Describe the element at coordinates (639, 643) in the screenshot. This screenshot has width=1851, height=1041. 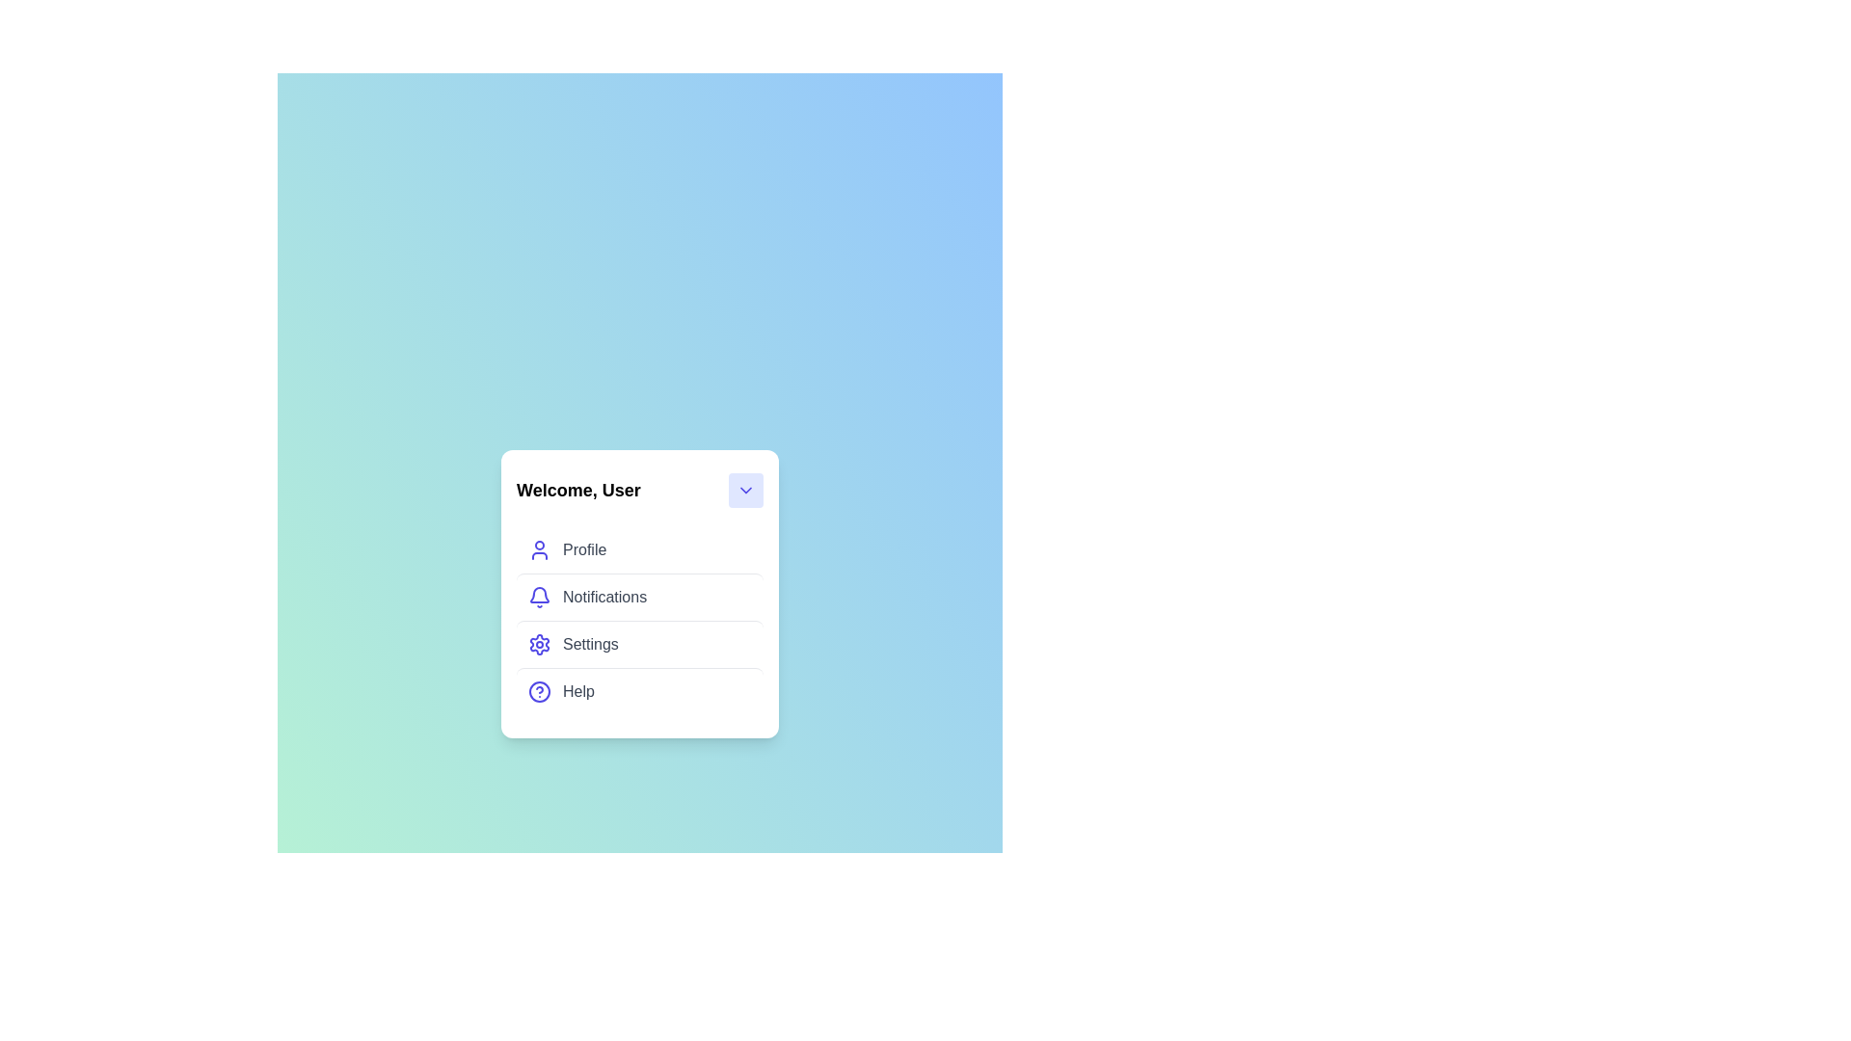
I see `the menu item Settings from the UserProfileMenu` at that location.